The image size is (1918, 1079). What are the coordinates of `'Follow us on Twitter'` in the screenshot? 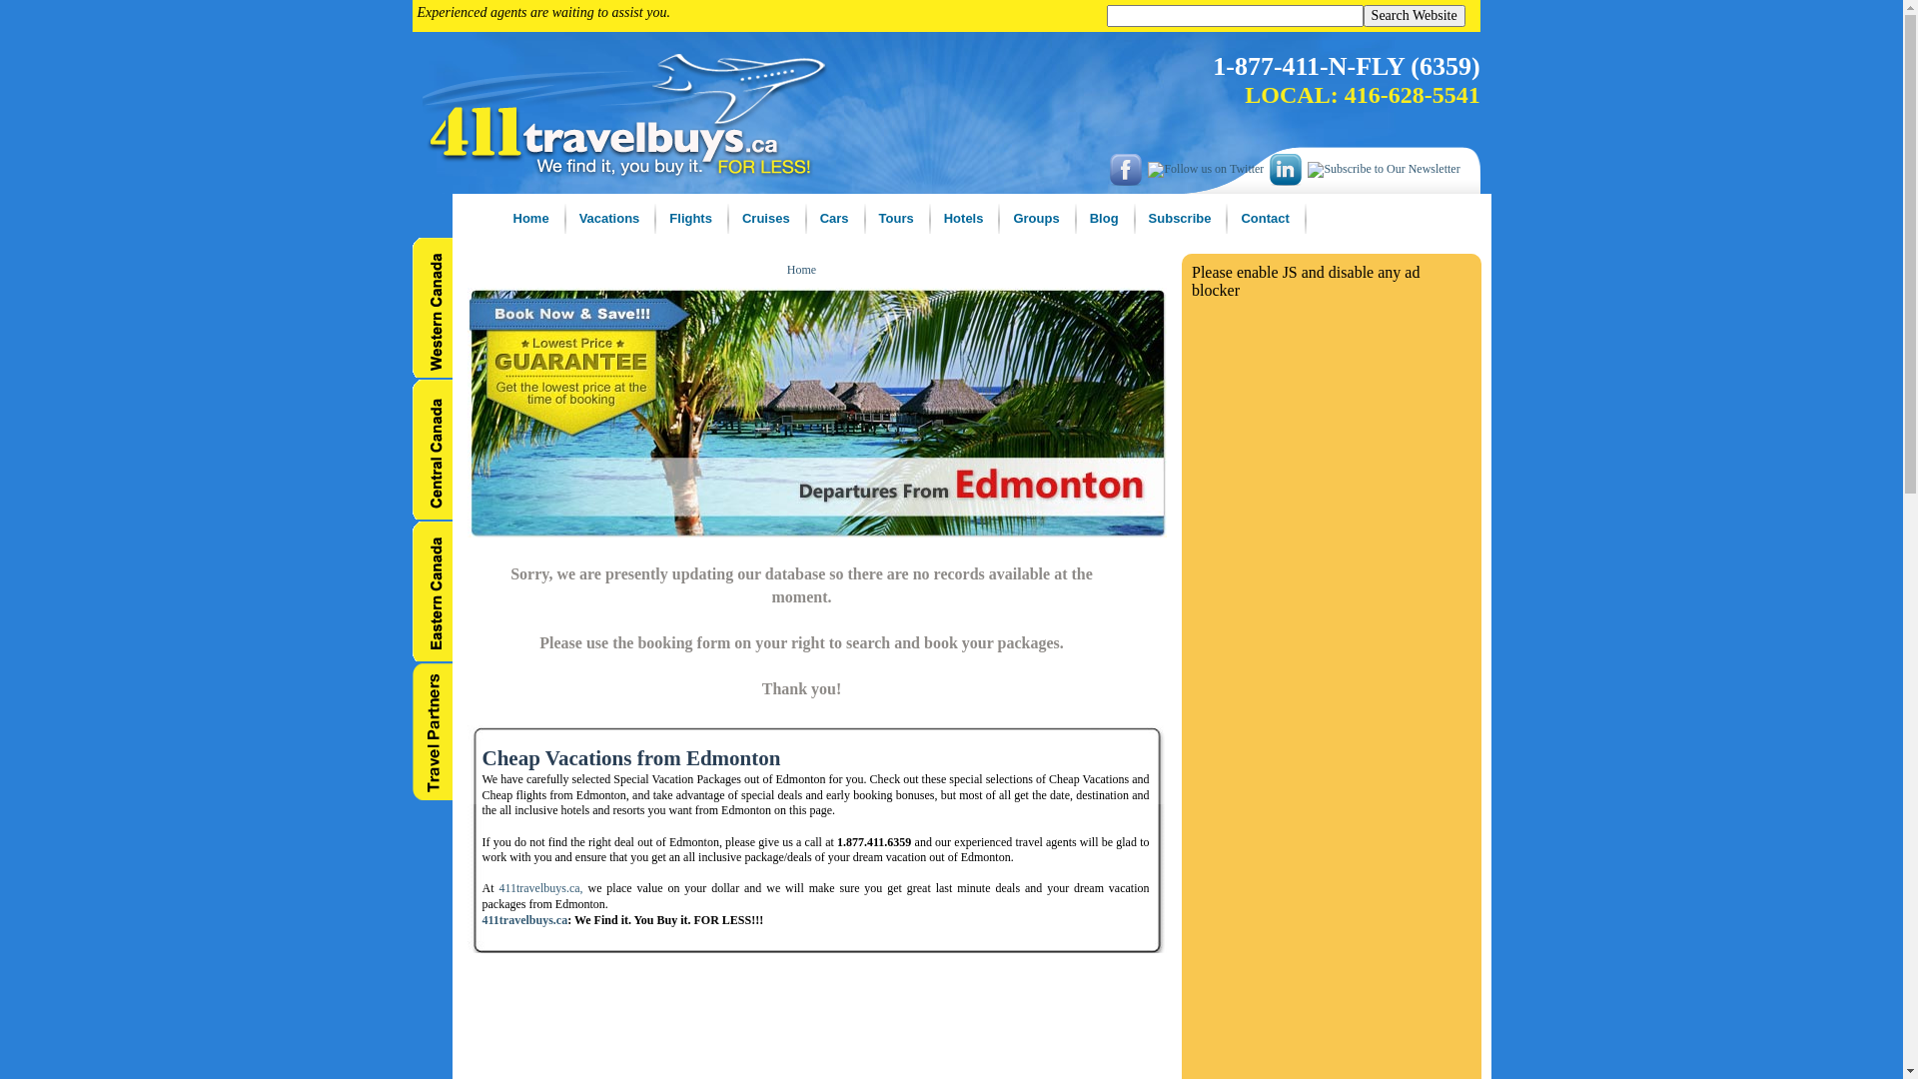 It's located at (1207, 168).